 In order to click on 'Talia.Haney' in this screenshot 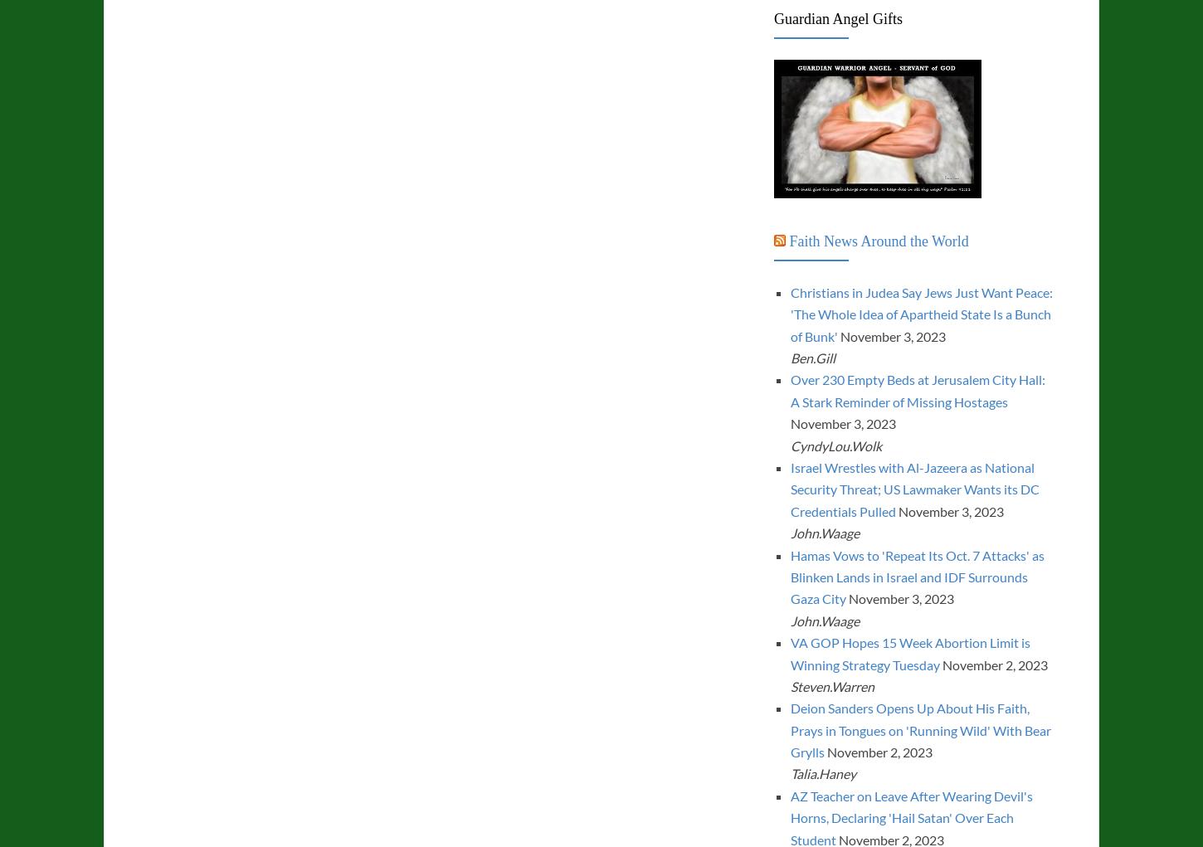, I will do `click(822, 773)`.